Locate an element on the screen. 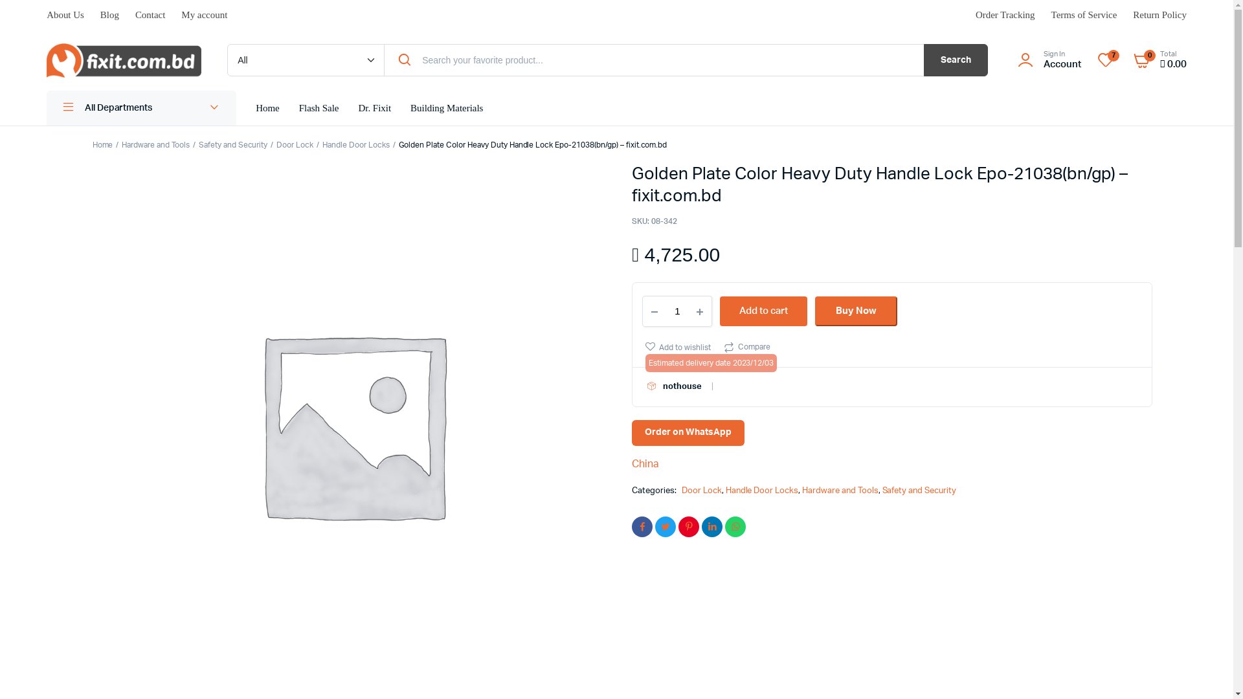  'Buy Now' is located at coordinates (814, 311).